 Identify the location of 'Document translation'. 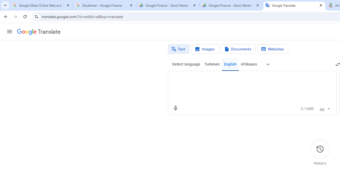
(238, 49).